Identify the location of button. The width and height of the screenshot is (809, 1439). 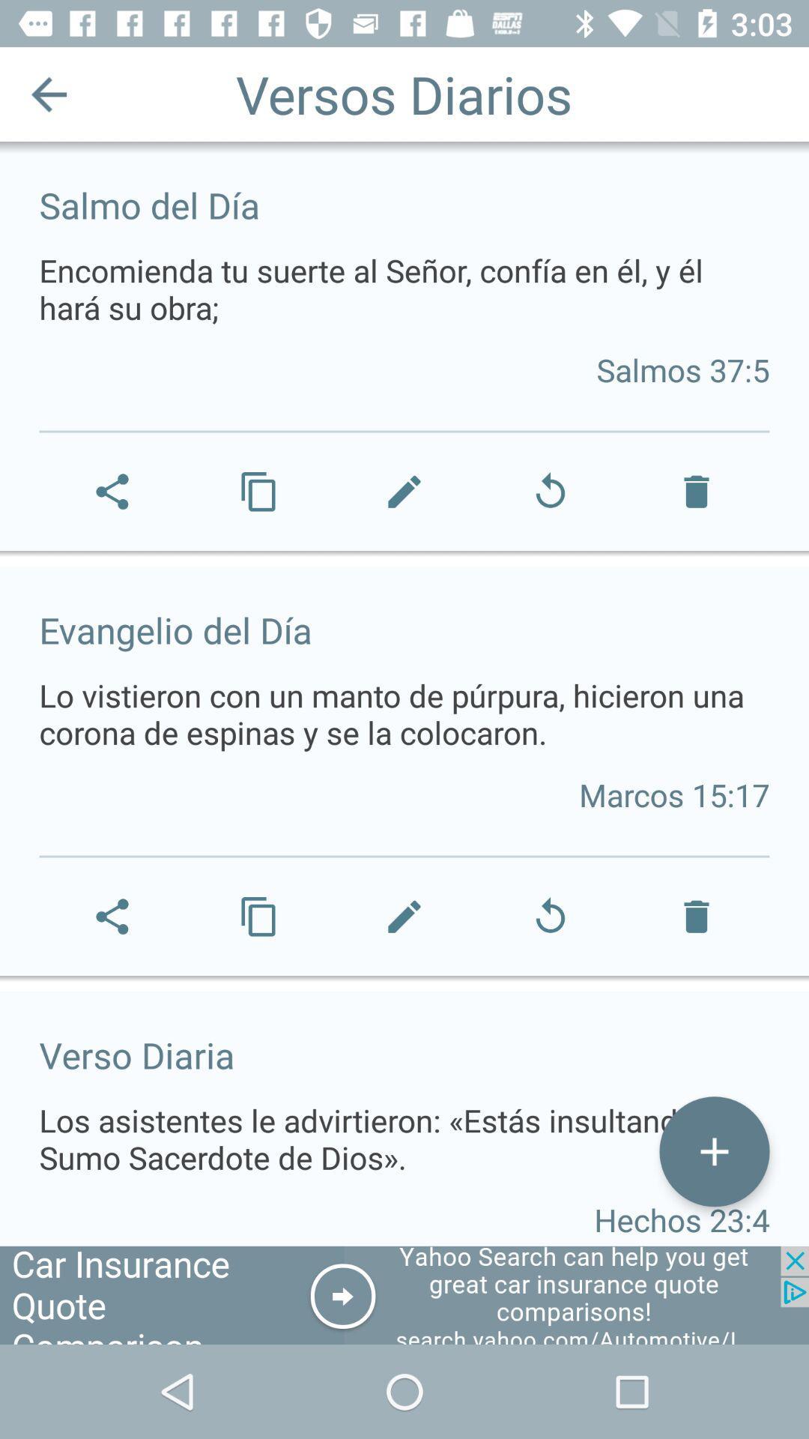
(713, 1150).